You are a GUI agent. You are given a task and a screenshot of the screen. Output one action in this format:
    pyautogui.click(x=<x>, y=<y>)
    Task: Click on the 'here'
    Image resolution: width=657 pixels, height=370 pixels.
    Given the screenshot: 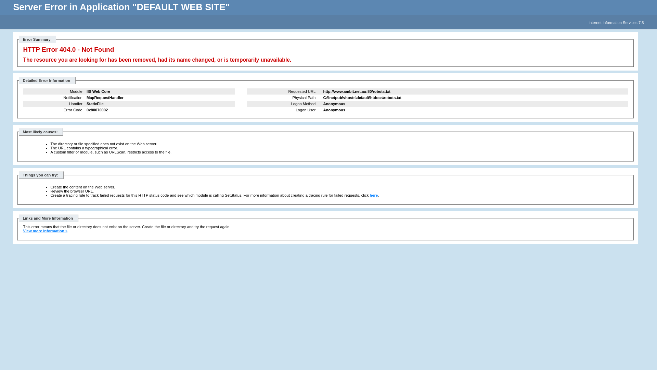 What is the action you would take?
    pyautogui.click(x=374, y=195)
    